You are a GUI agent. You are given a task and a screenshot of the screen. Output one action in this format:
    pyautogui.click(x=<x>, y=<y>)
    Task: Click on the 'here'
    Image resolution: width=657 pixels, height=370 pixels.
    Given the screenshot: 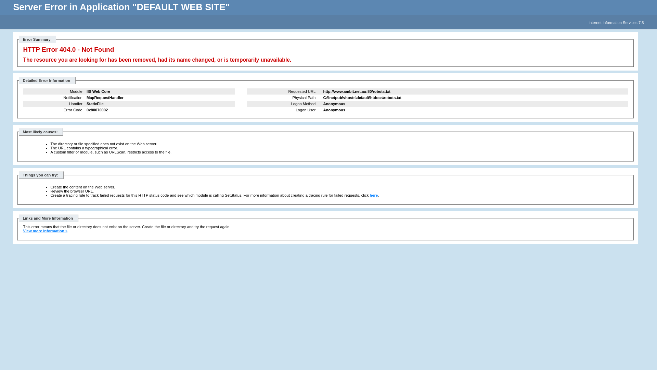 What is the action you would take?
    pyautogui.click(x=374, y=195)
    